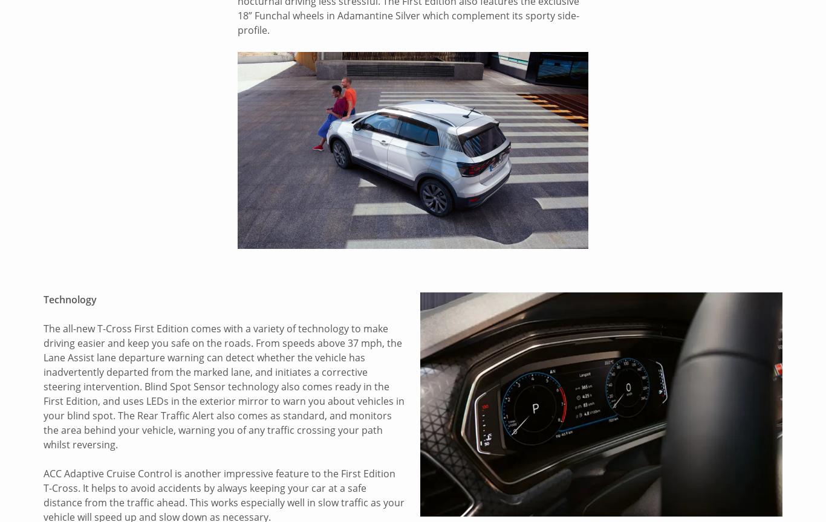 The height and width of the screenshot is (522, 826). What do you see at coordinates (71, 358) in the screenshot?
I see `'Volkswagen'` at bounding box center [71, 358].